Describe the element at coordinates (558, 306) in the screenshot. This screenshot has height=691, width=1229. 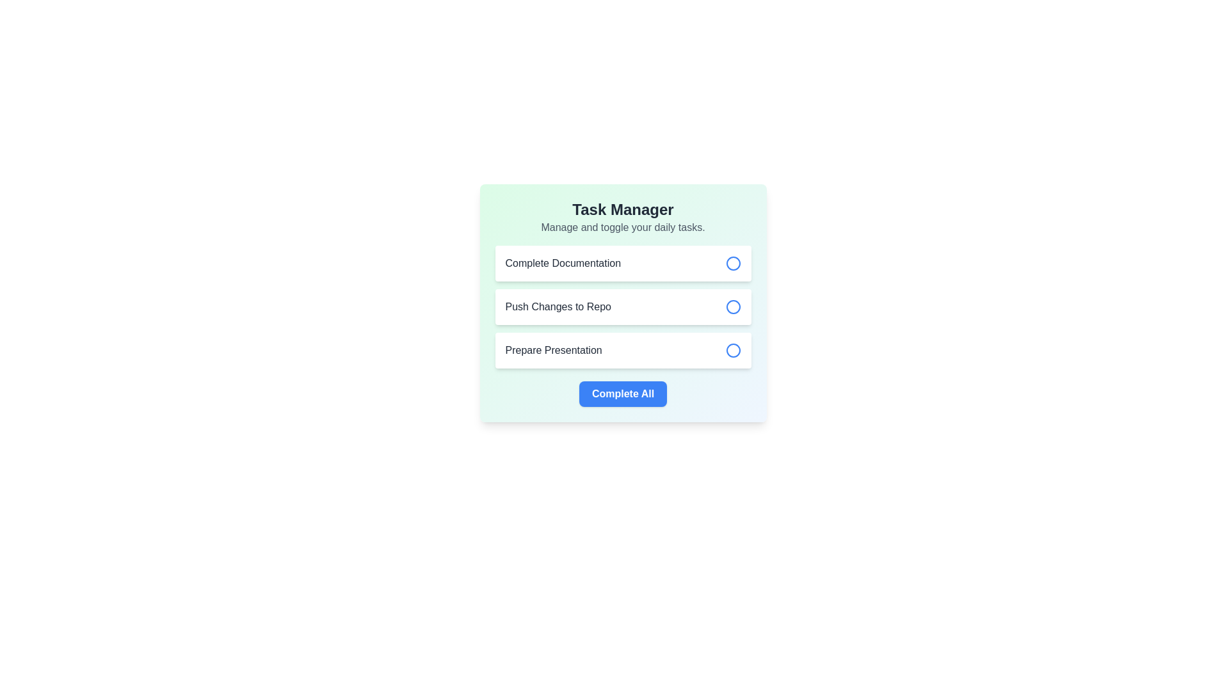
I see `the static text label that provides descriptive information about the associated task or action, located at the center of the interface within a vertical stack of three items` at that location.